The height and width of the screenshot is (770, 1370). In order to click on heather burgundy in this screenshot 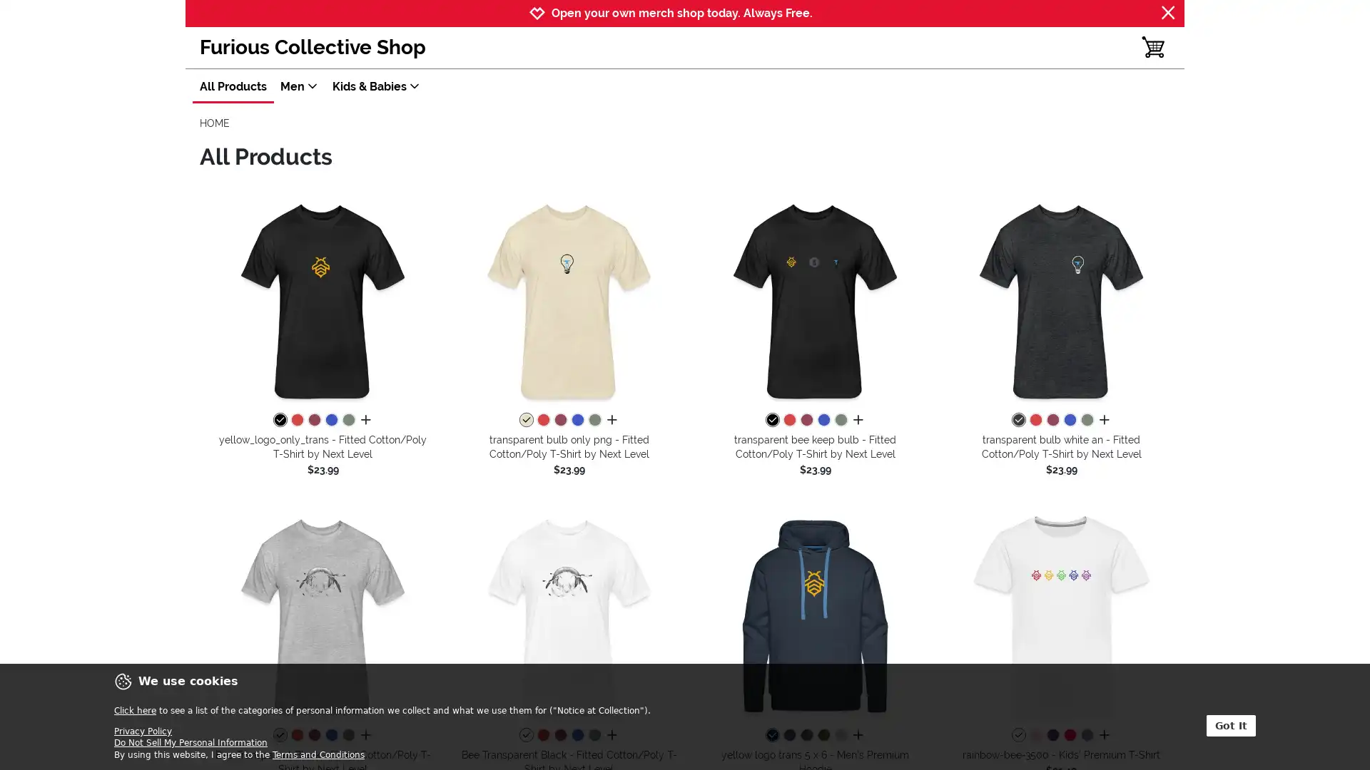, I will do `click(313, 736)`.